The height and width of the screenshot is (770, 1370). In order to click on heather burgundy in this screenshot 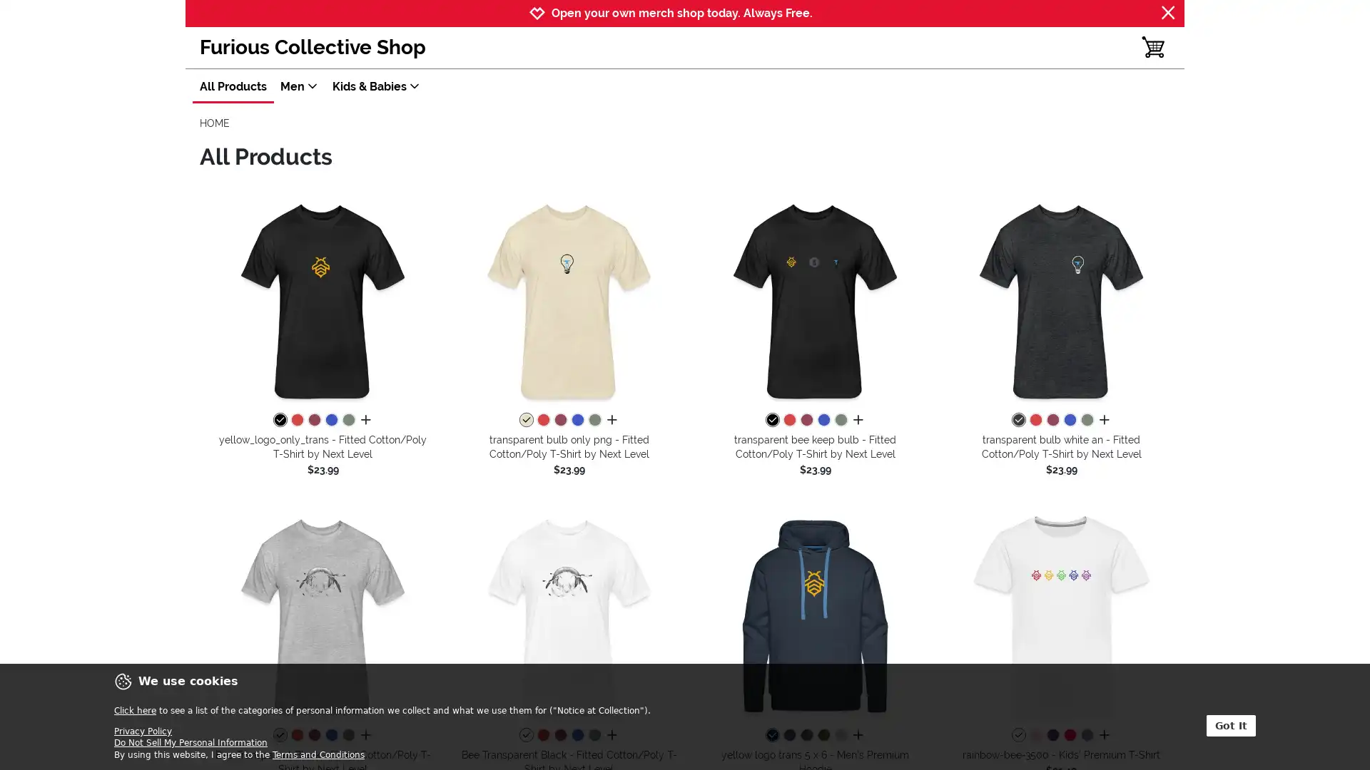, I will do `click(313, 736)`.